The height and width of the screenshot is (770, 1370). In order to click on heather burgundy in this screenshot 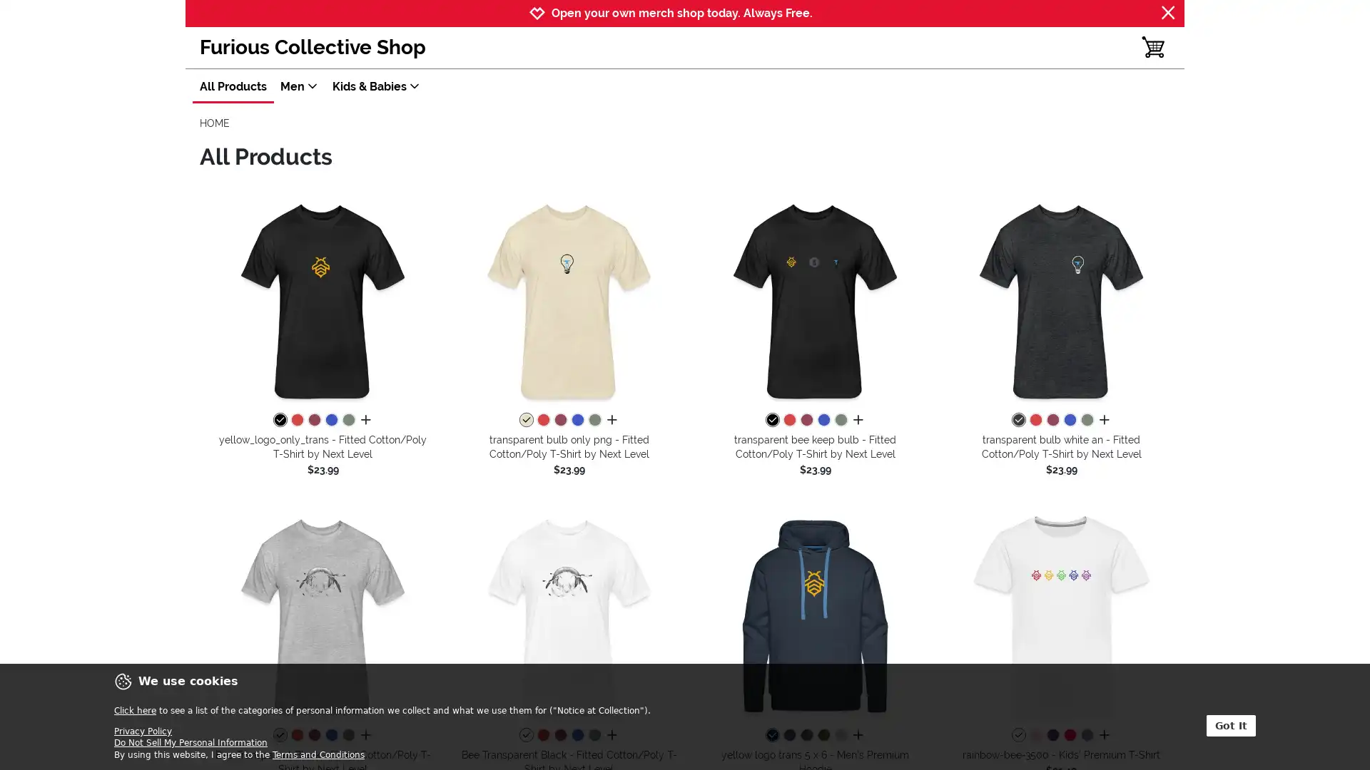, I will do `click(313, 736)`.